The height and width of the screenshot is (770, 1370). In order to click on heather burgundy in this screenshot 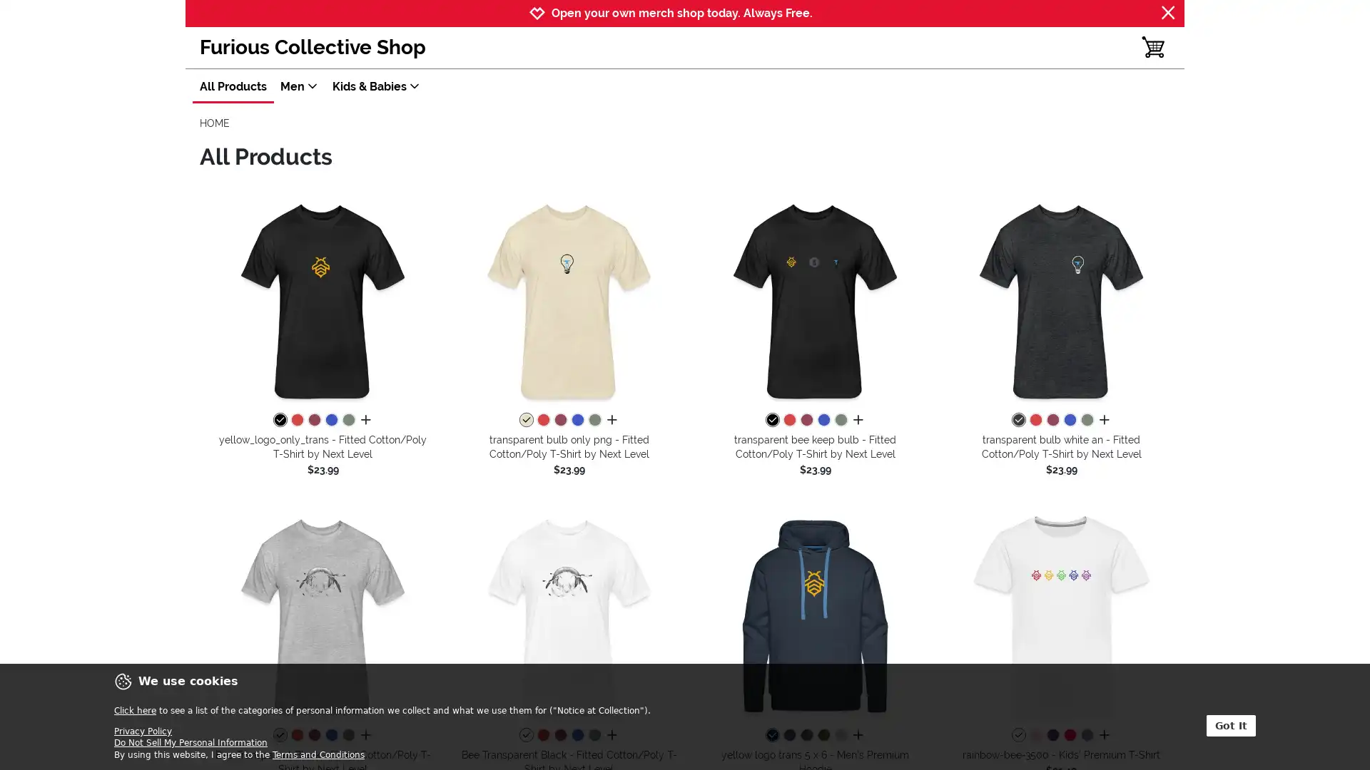, I will do `click(313, 736)`.